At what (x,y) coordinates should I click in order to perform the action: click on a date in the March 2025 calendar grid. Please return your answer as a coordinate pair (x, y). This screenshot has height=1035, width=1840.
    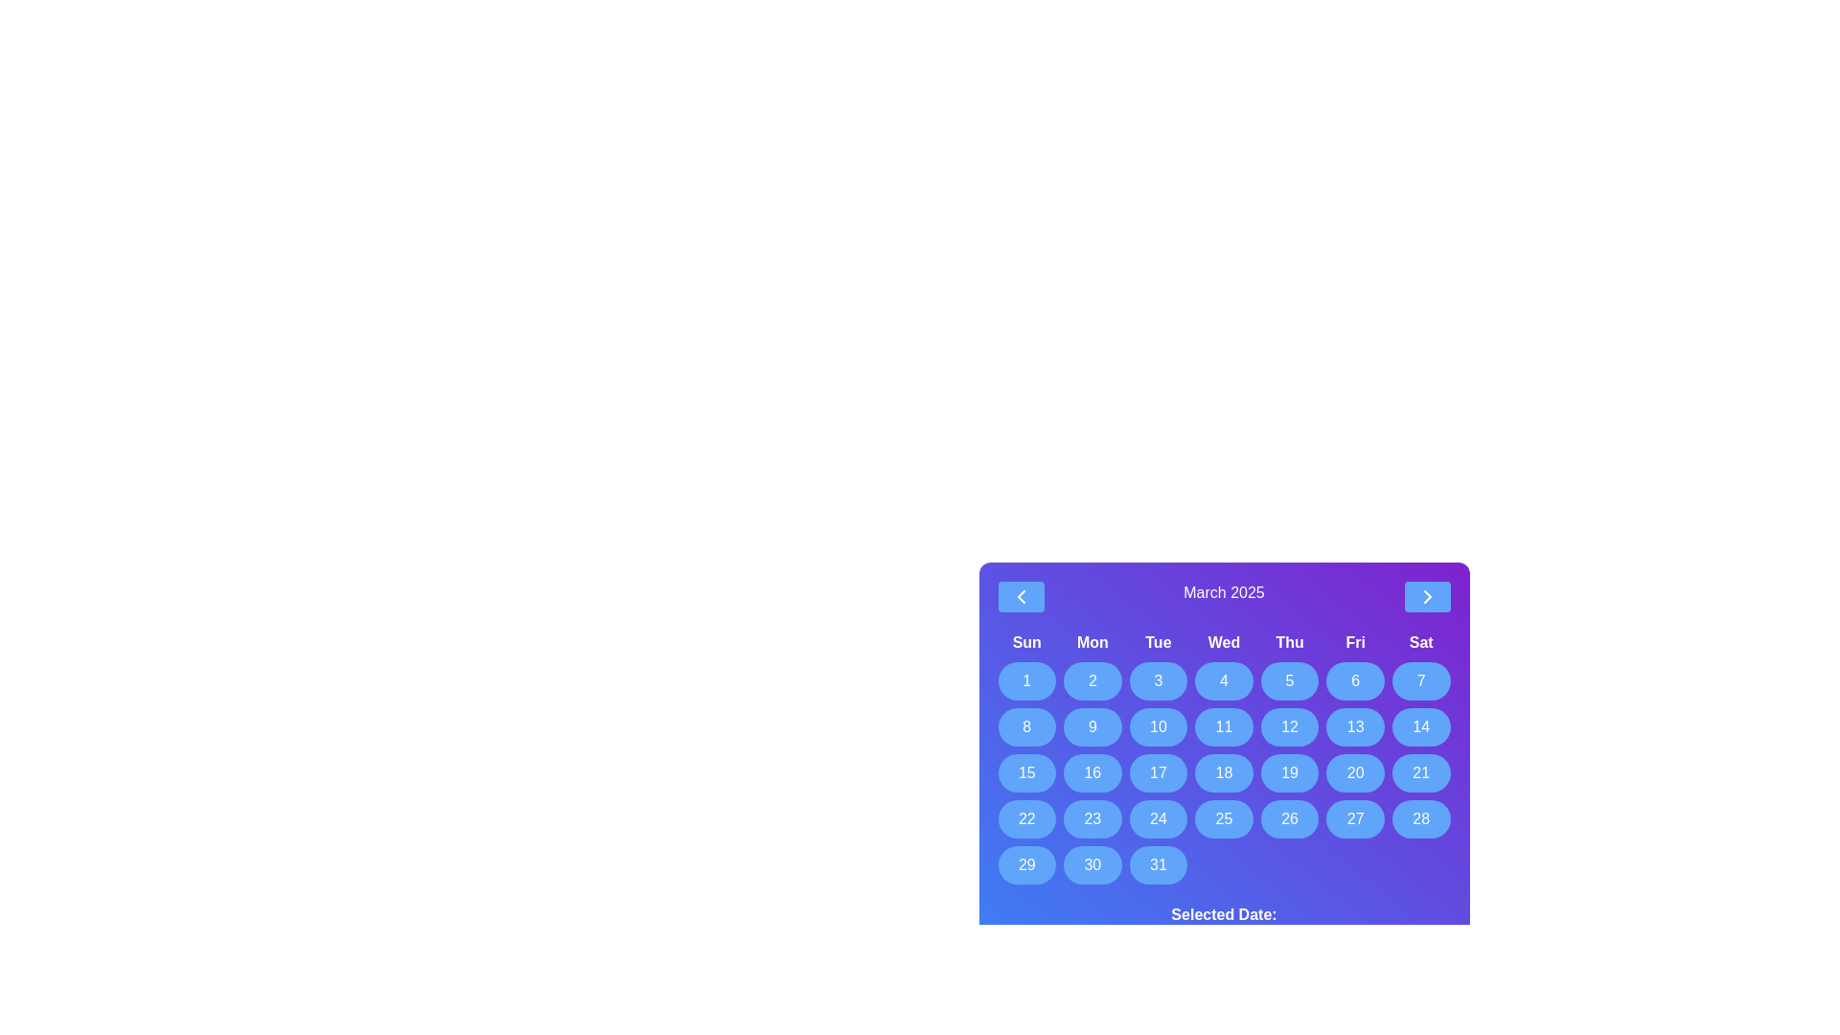
    Looking at the image, I should click on (1223, 756).